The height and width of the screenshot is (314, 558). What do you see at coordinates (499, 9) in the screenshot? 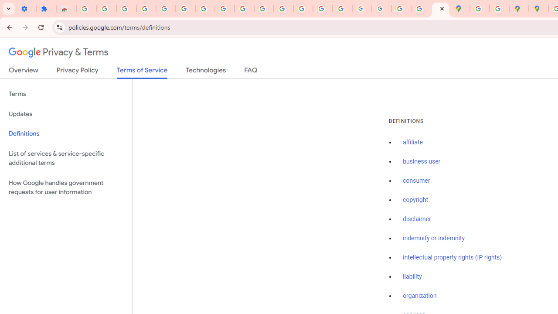
I see `'Safety in Our Products - Google Safety Center'` at bounding box center [499, 9].